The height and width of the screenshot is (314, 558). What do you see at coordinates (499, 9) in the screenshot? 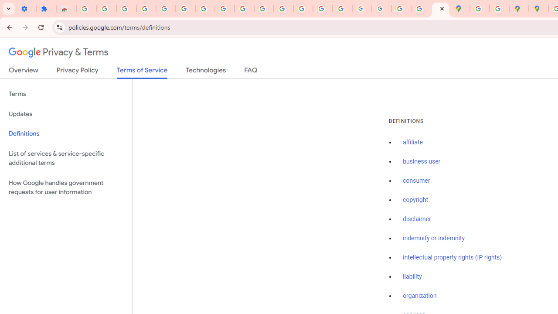
I see `'Safety in Our Products - Google Safety Center'` at bounding box center [499, 9].